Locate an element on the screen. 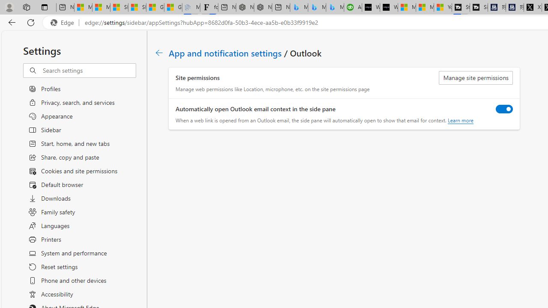  'Microsoft Bing Travel - Stays in Bangkok, Bangkok, Thailand' is located at coordinates (316, 7).